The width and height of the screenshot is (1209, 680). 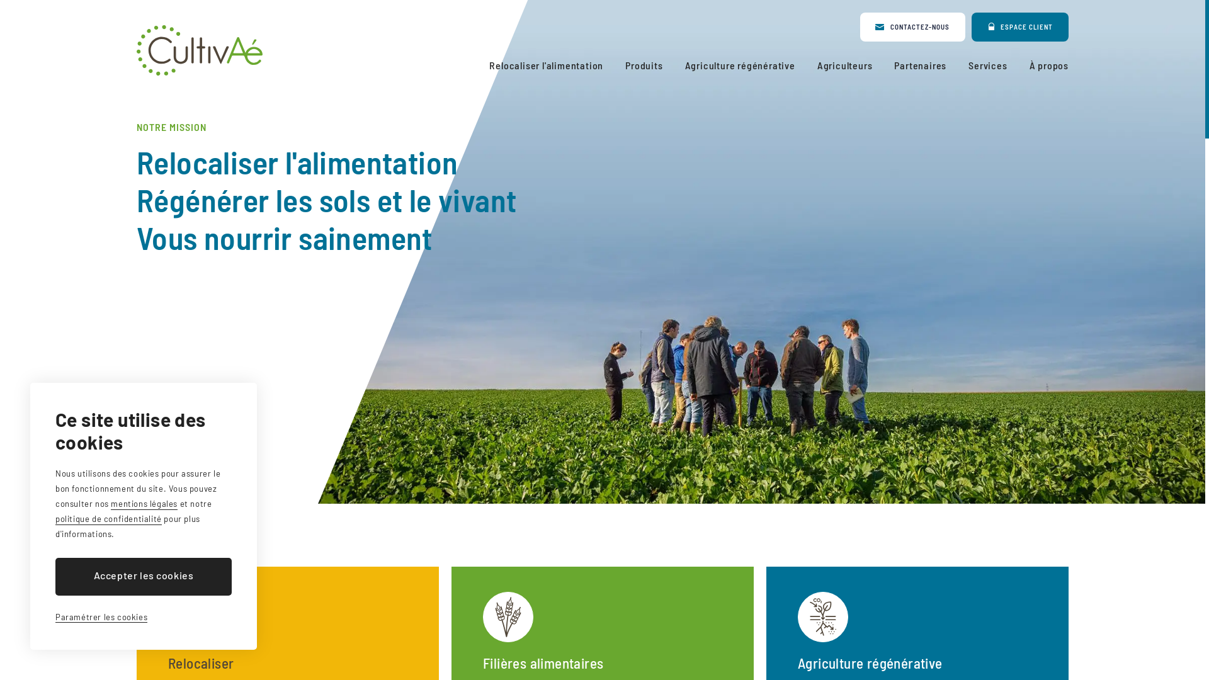 I want to click on 'Produits', so click(x=644, y=65).